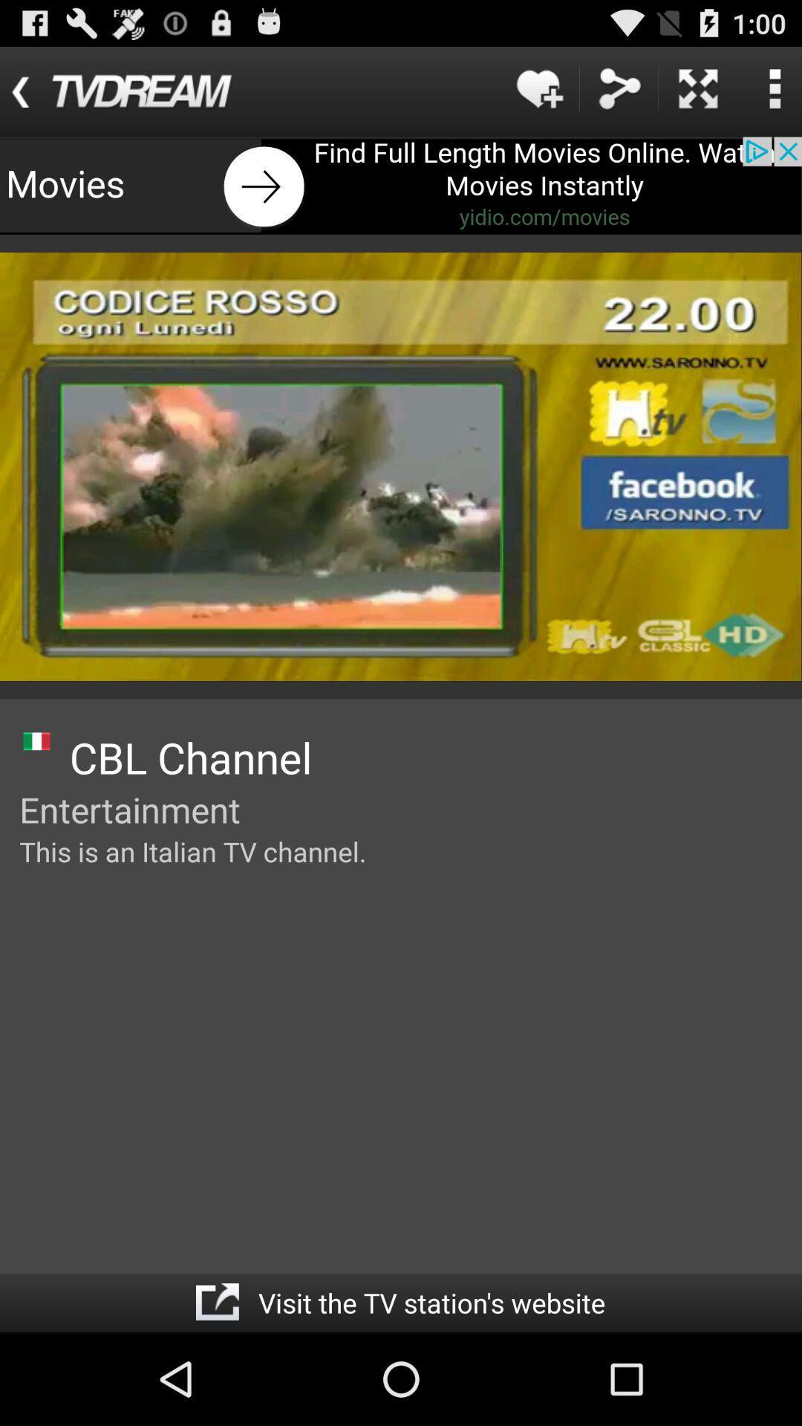 The image size is (802, 1426). I want to click on full screen the video, so click(698, 88).